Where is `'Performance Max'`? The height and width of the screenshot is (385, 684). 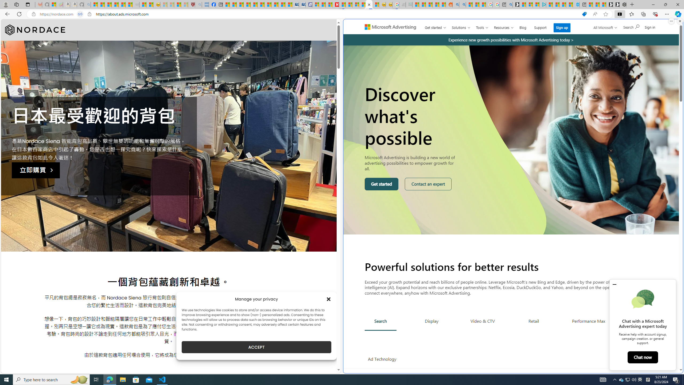 'Performance Max' is located at coordinates (588, 321).